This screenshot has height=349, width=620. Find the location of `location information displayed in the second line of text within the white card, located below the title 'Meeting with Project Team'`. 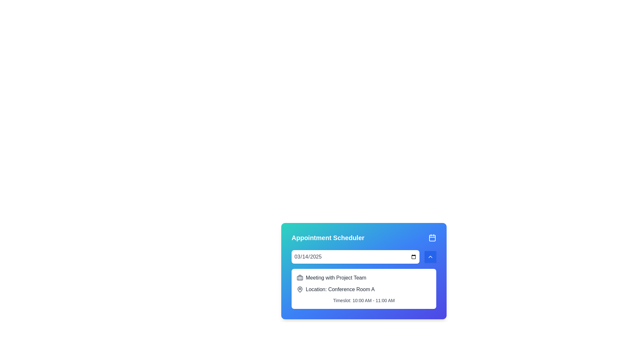

location information displayed in the second line of text within the white card, located below the title 'Meeting with Project Team' is located at coordinates (364, 289).